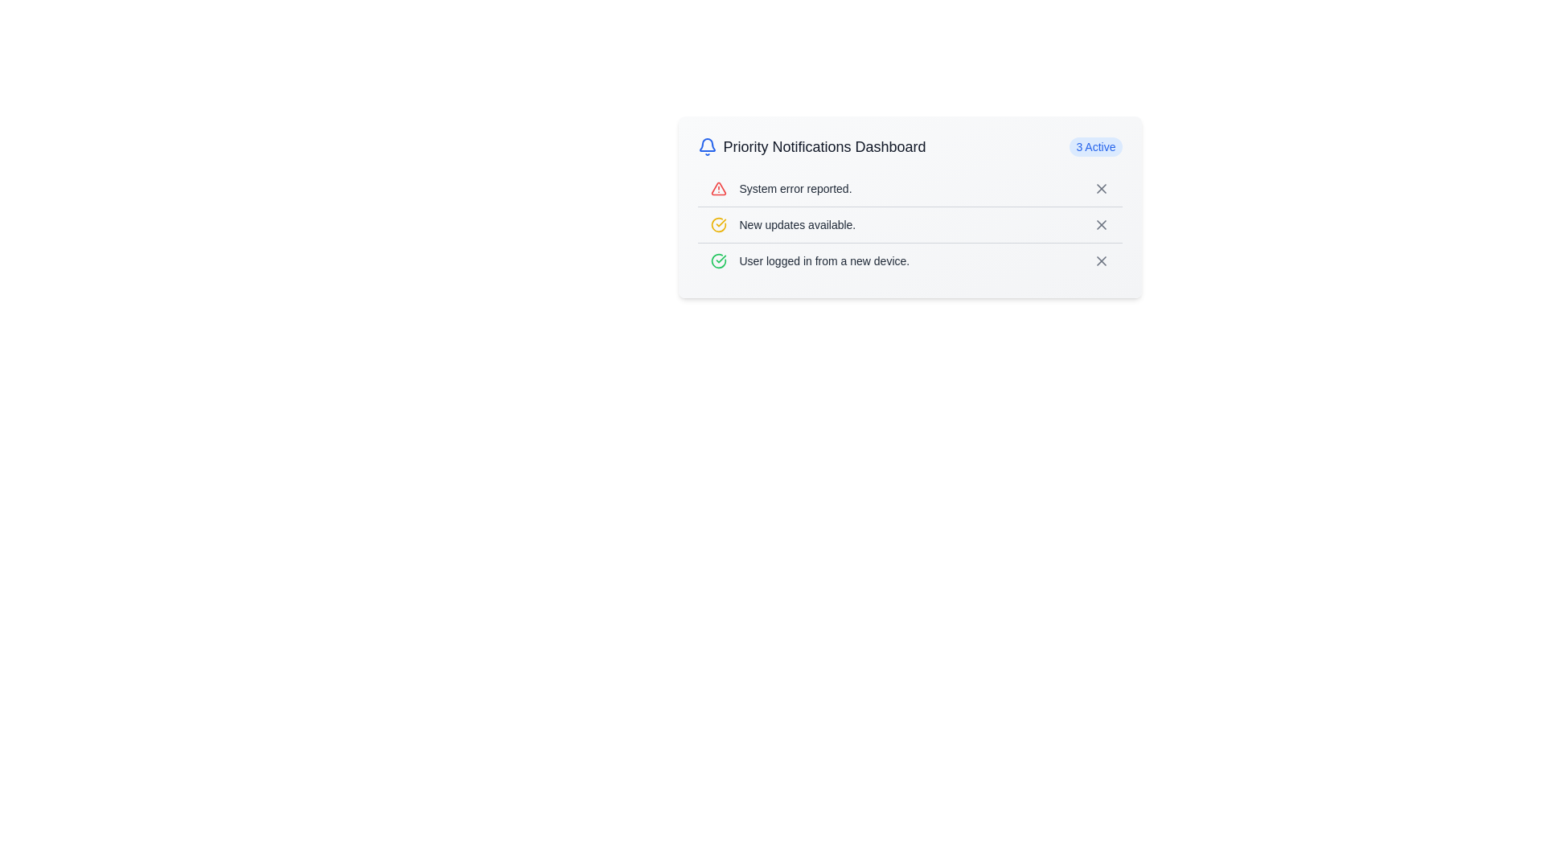  What do you see at coordinates (781, 188) in the screenshot?
I see `the Notification item that displays the warning icon and the text 'System error reported.' in gray font, located in the Priority Notifications Dashboard` at bounding box center [781, 188].